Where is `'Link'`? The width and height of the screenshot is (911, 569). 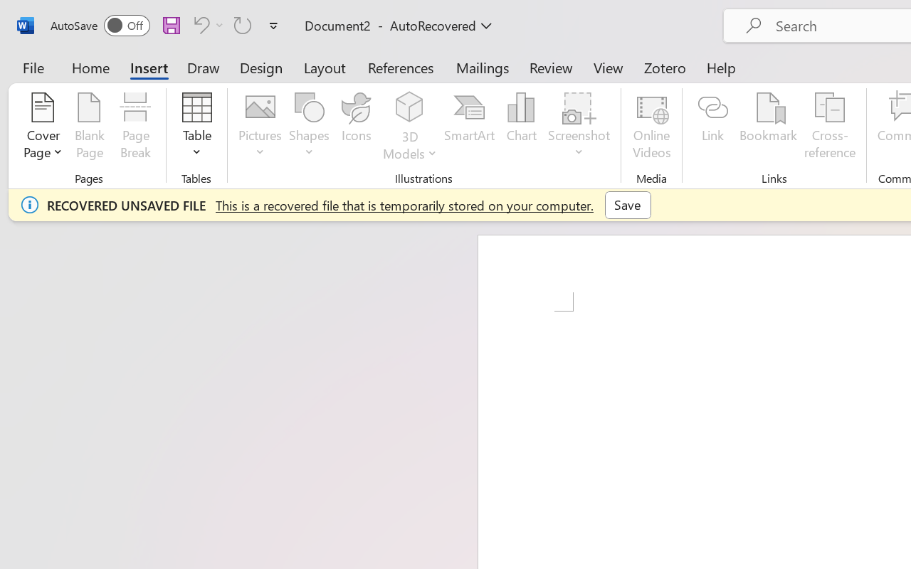
'Link' is located at coordinates (713, 127).